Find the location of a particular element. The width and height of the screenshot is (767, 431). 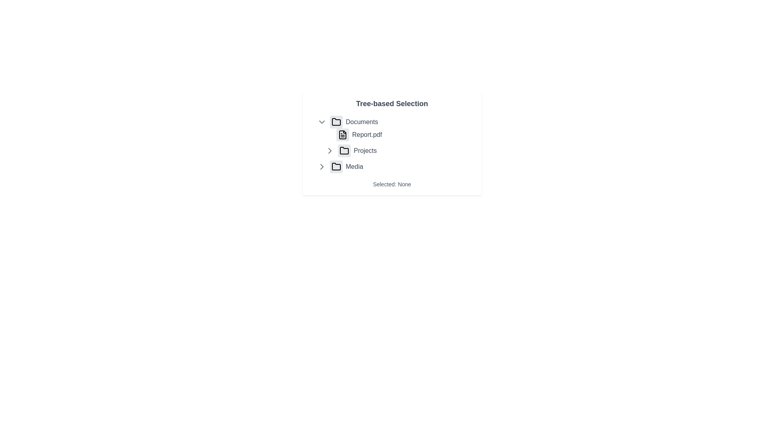

the Icon button with a folder icon located in the 'Projects' row, positioned between the left-chevron icon and the text label 'Projects' is located at coordinates (344, 151).